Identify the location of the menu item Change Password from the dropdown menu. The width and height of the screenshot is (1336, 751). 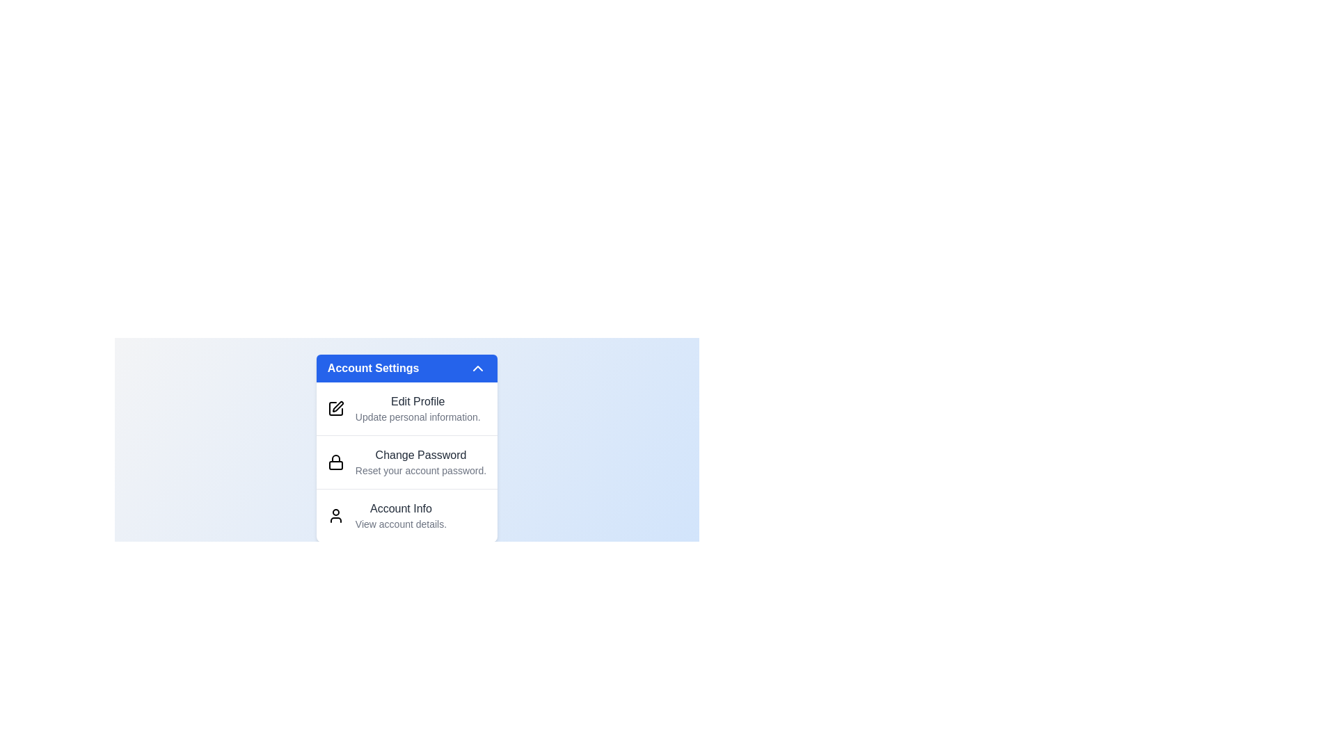
(406, 462).